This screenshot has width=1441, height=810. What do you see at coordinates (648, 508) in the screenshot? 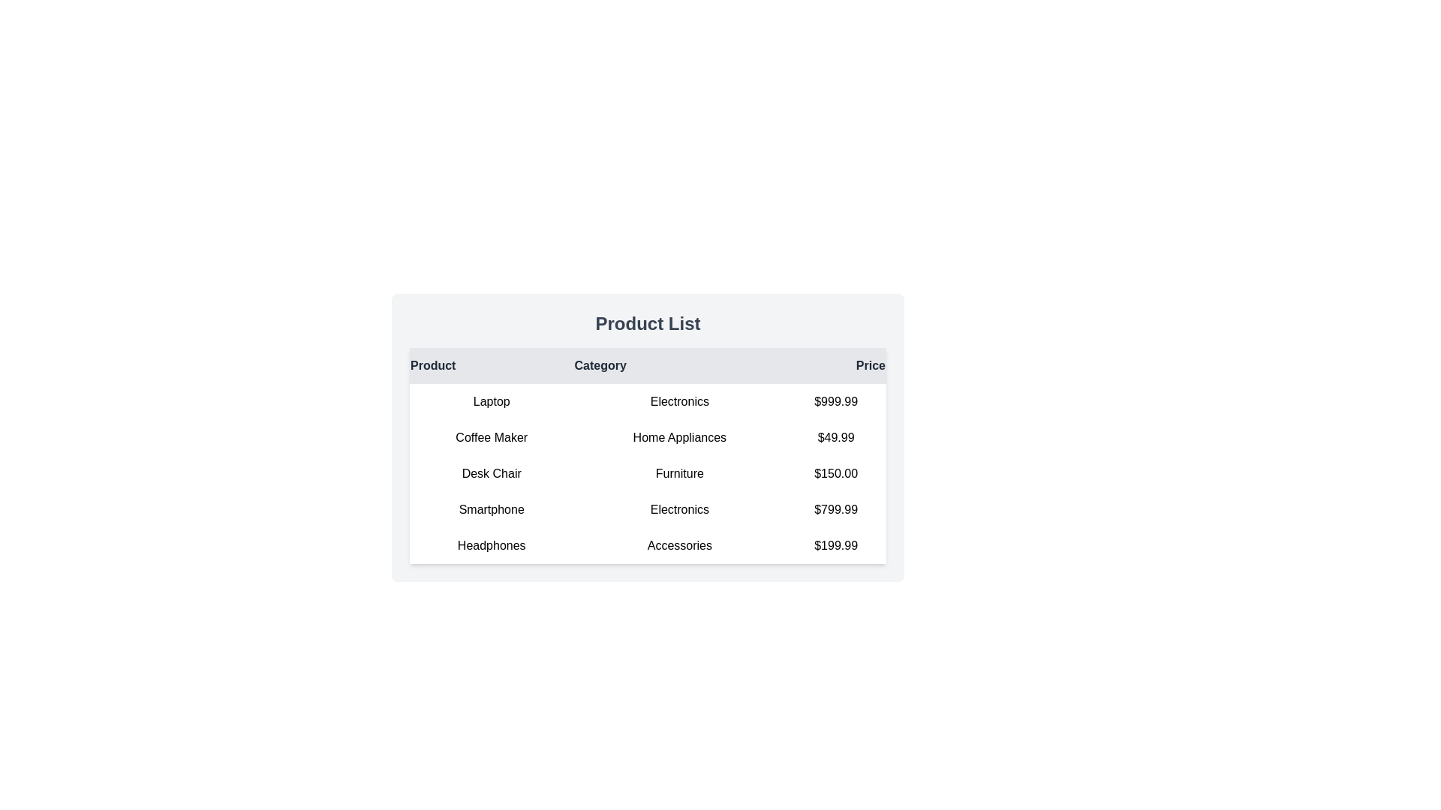
I see `the fourth row of the product list that displays a product entry, which includes its name, category, and price` at bounding box center [648, 508].